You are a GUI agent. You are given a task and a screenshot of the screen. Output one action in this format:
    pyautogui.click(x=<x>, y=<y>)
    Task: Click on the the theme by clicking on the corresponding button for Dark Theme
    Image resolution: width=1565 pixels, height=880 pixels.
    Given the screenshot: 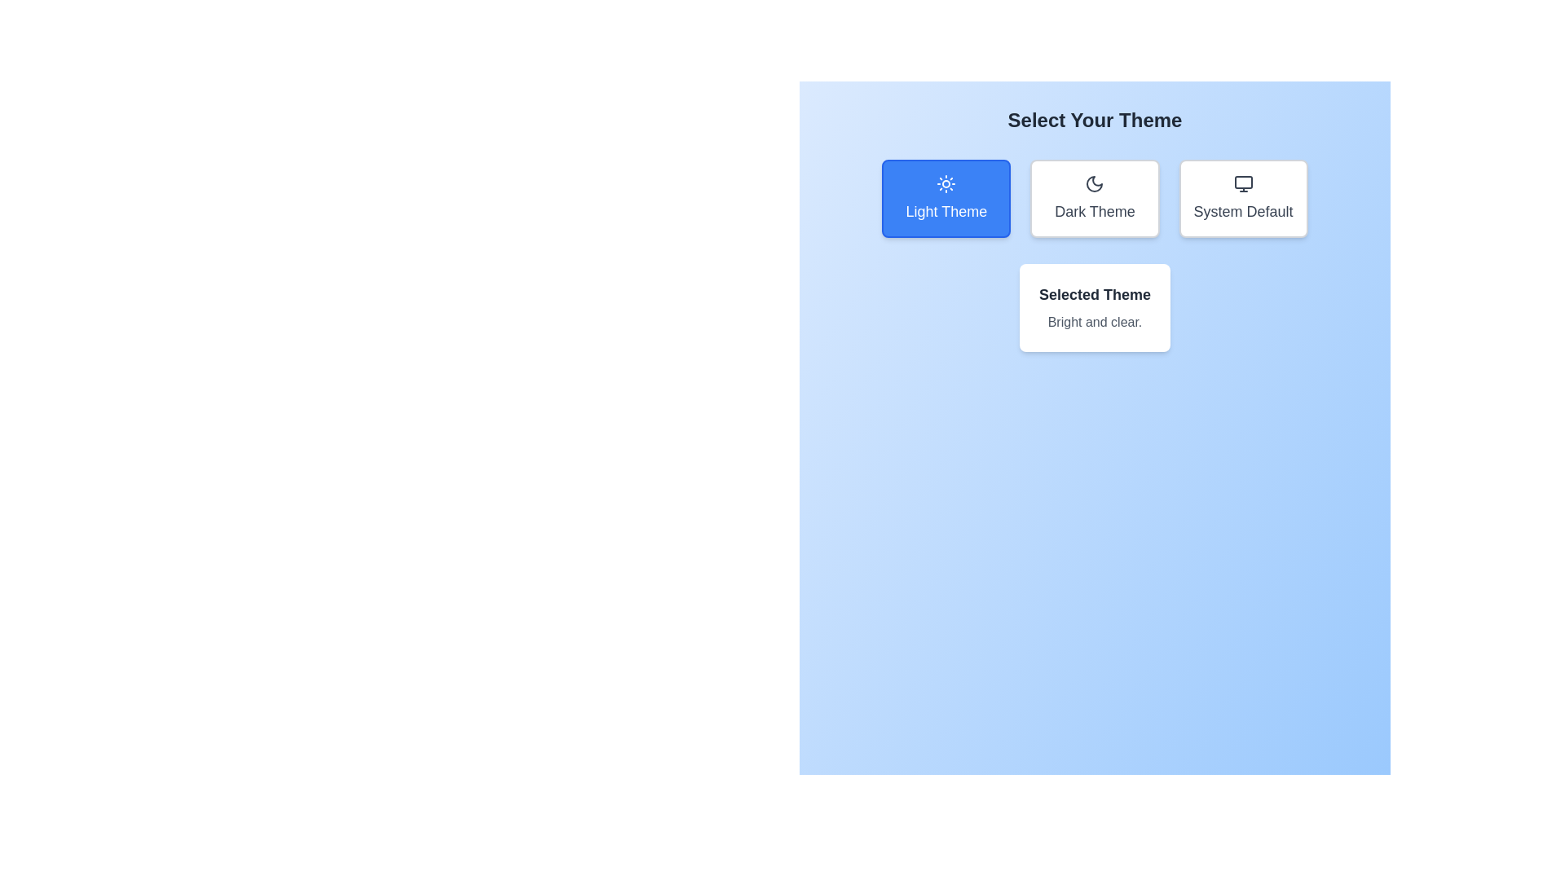 What is the action you would take?
    pyautogui.click(x=1095, y=197)
    